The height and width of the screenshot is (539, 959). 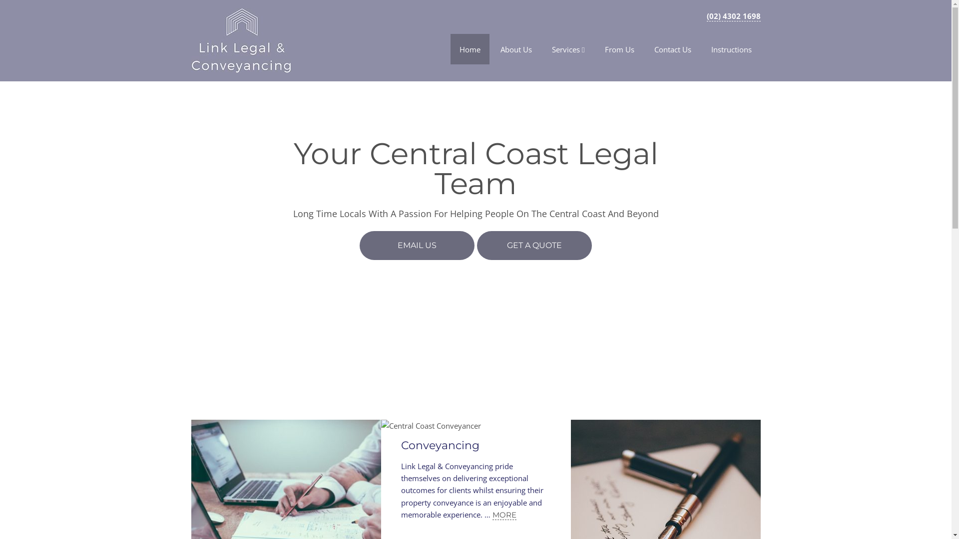 What do you see at coordinates (568, 49) in the screenshot?
I see `'Services'` at bounding box center [568, 49].